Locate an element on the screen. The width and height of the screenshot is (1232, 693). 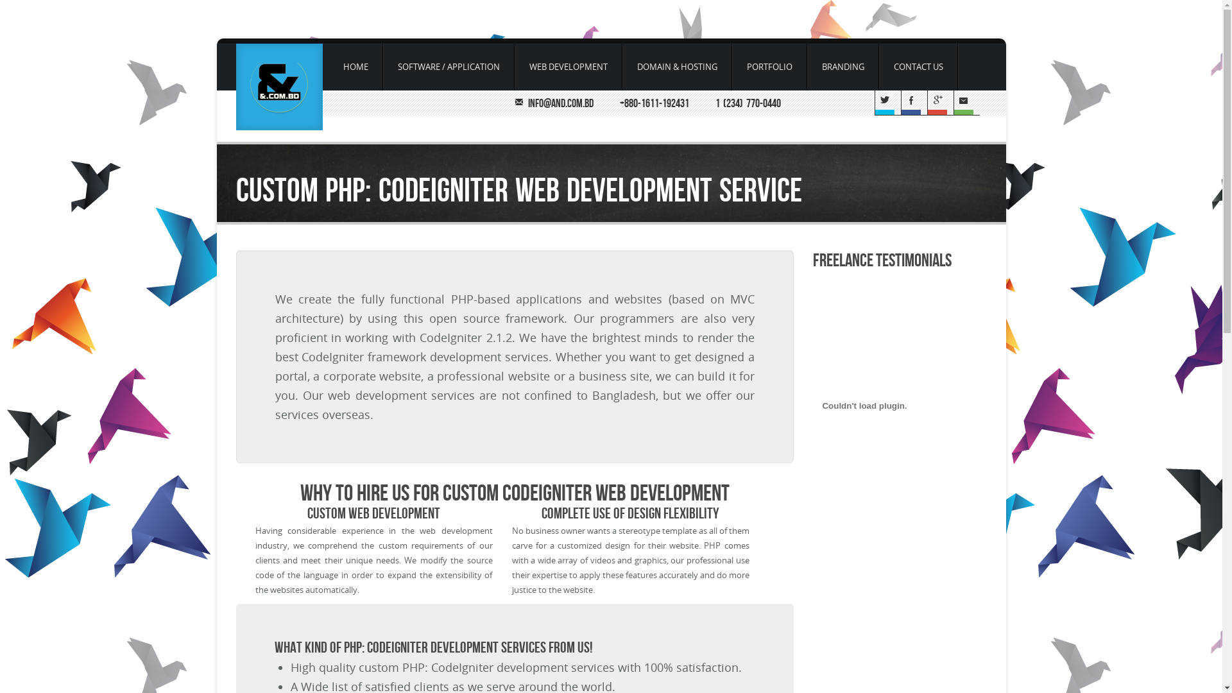
'WEB DEVELOPMENT' is located at coordinates (567, 67).